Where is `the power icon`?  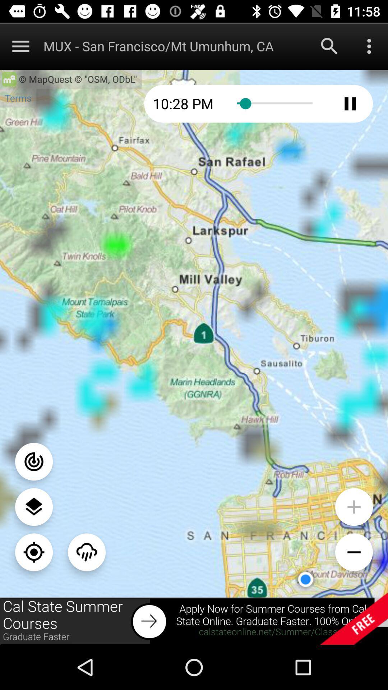 the power icon is located at coordinates (34, 461).